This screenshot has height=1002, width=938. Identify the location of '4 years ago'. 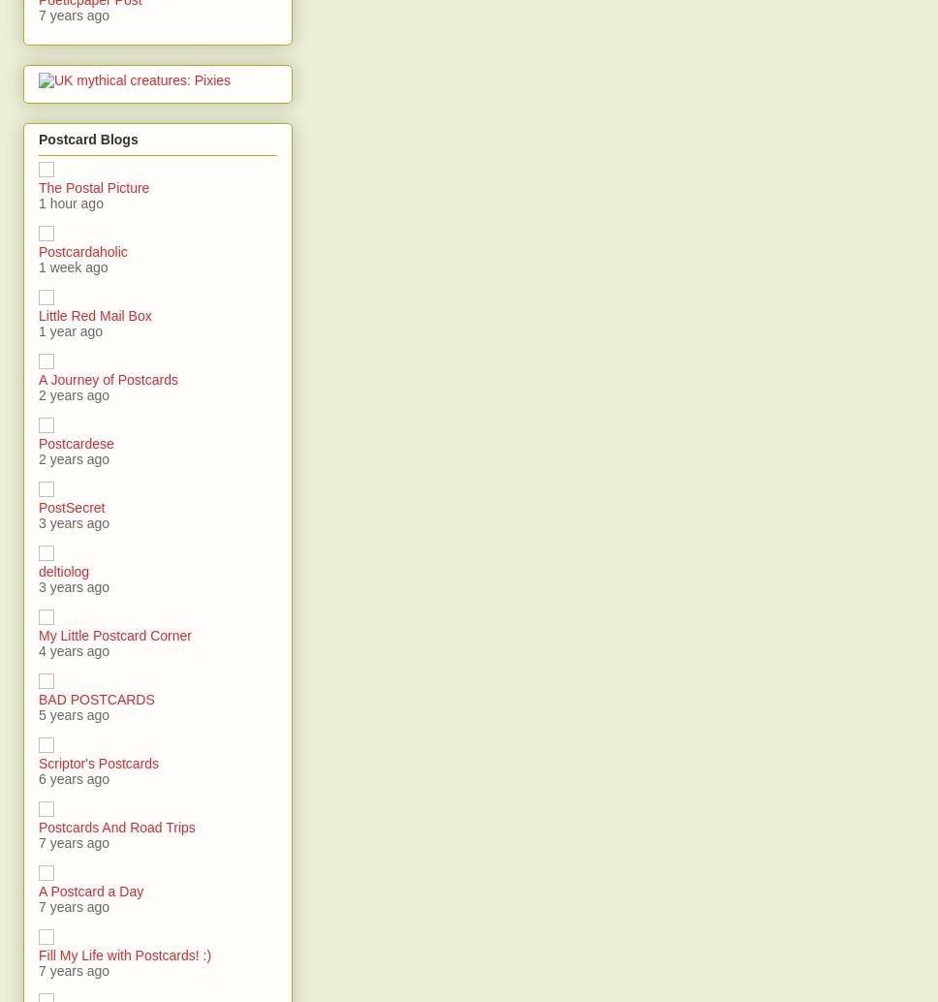
(73, 650).